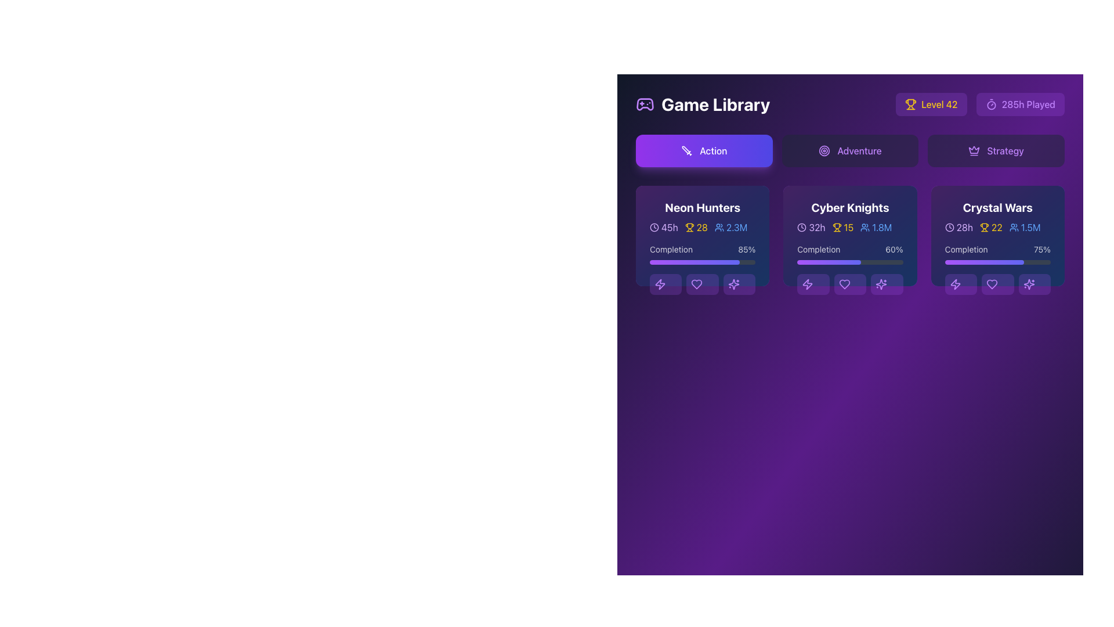 The width and height of the screenshot is (1114, 627). Describe the element at coordinates (645, 105) in the screenshot. I see `the game controller icon with a purple hue located at the far left of the 'Game Library' title in the header section` at that location.